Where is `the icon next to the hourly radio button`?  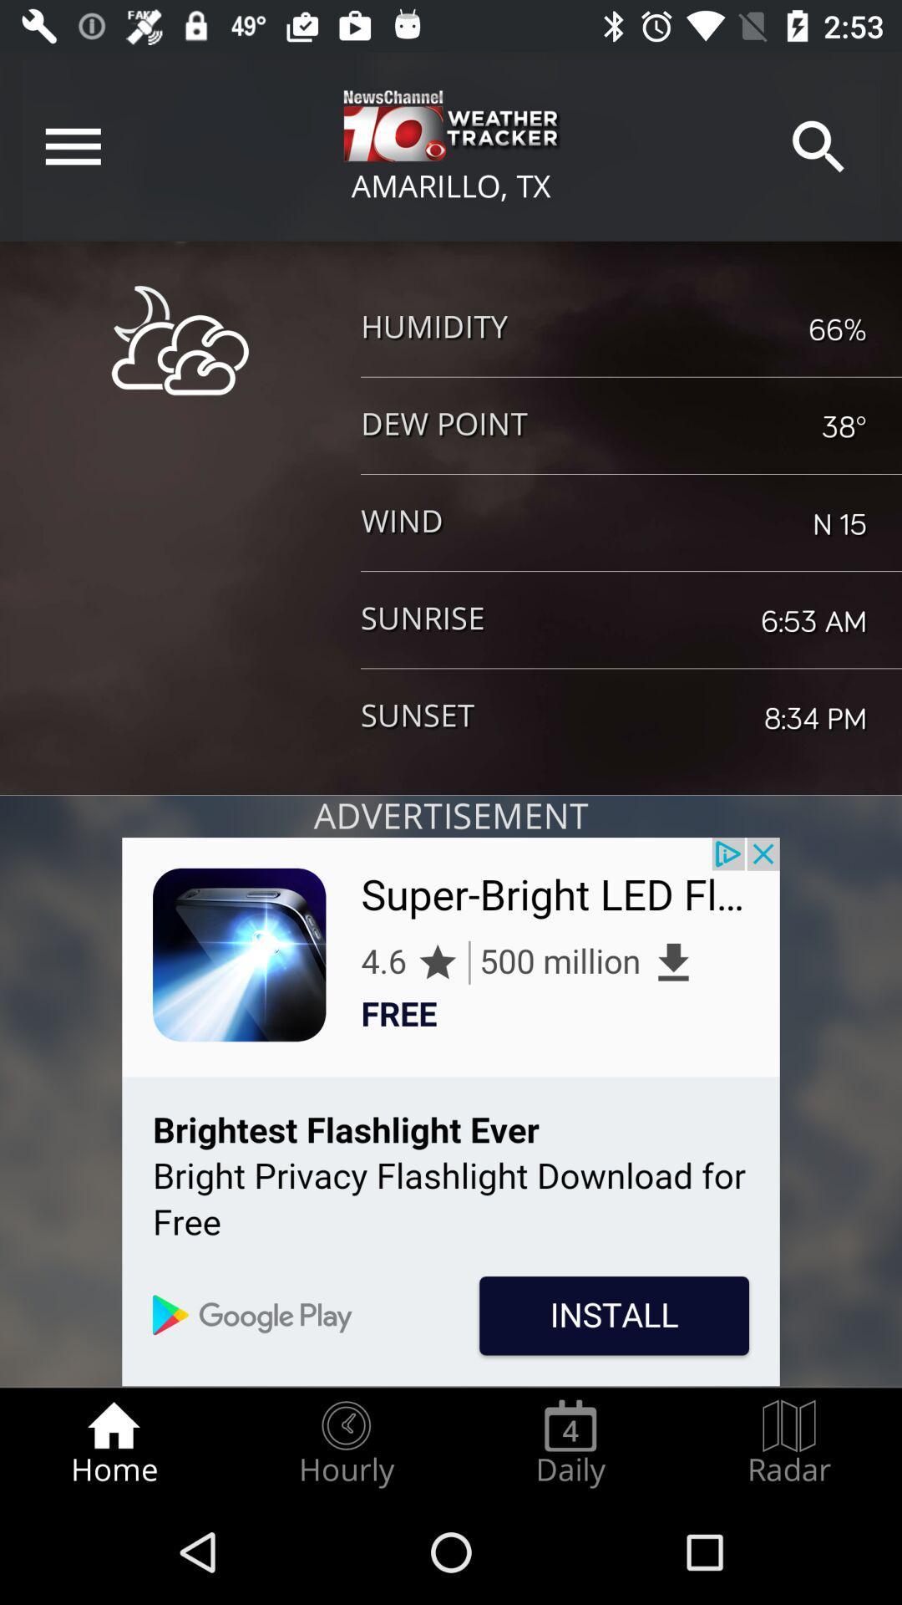 the icon next to the hourly radio button is located at coordinates (113, 1443).